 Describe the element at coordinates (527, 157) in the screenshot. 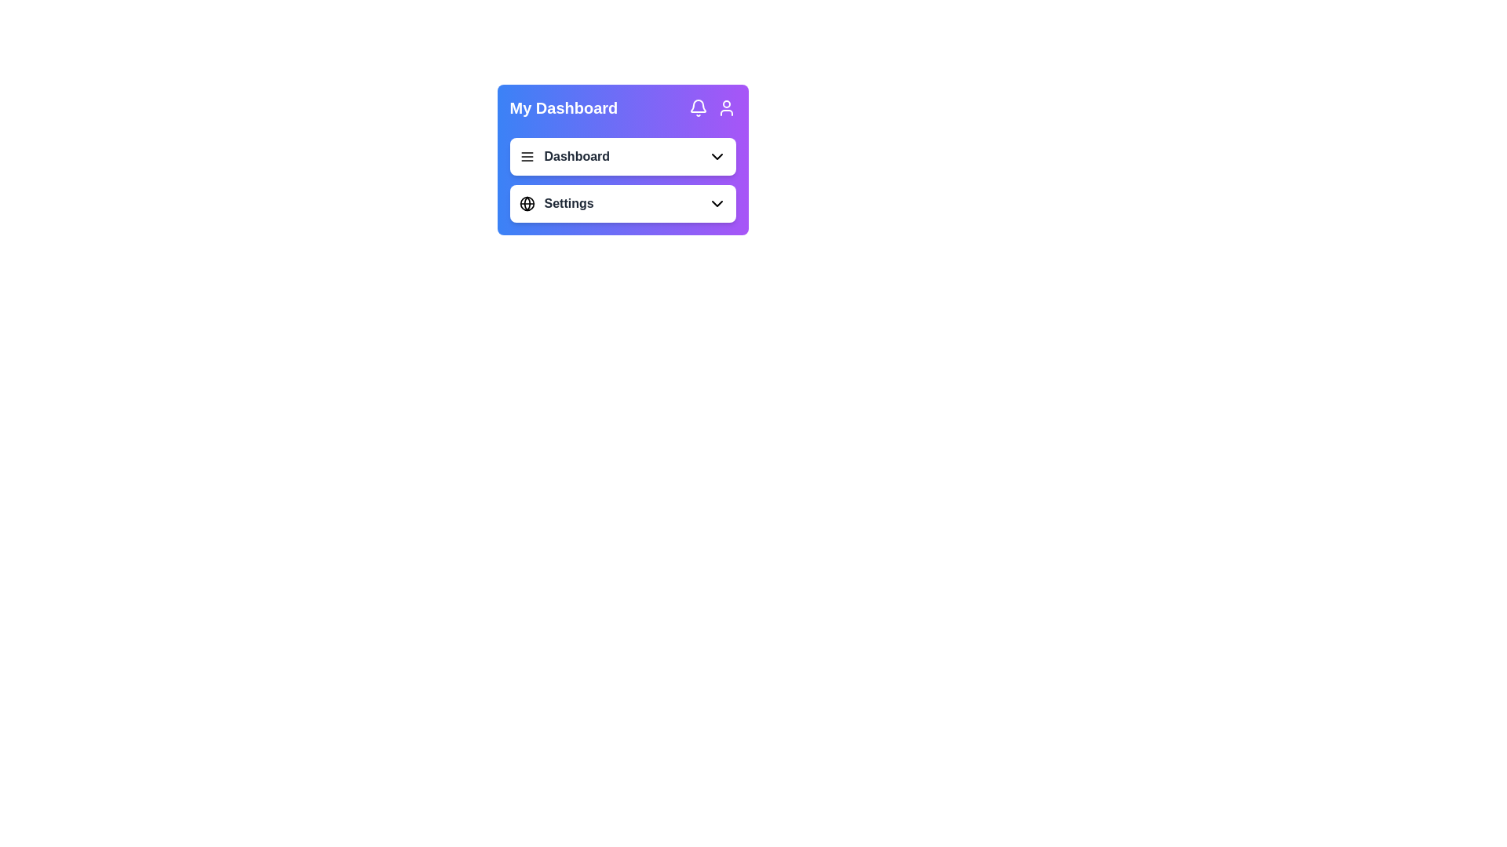

I see `the hamburger menu icon located to the left of the 'Dashboard' text label` at that location.